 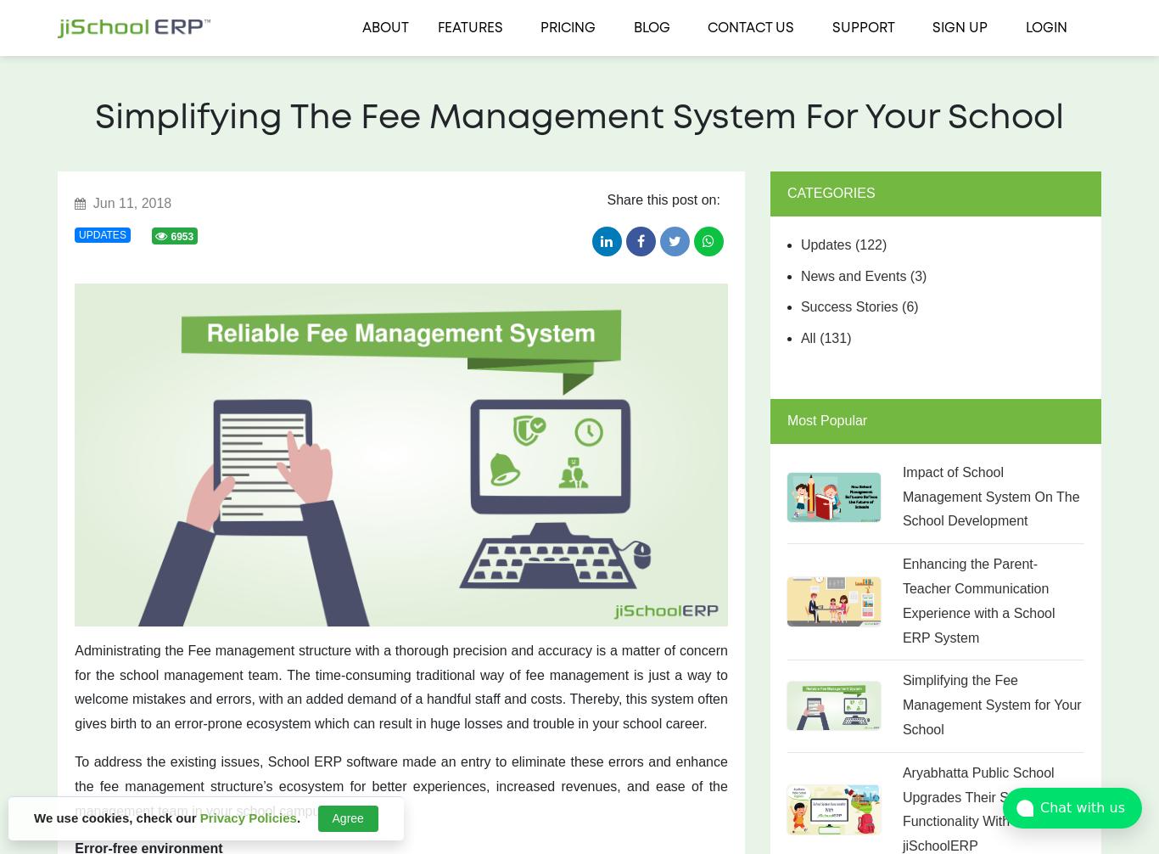 I want to click on 'To address the existing issues, School ERP software made an entry to eliminate these errors and enhance the fee management structure’s ecosystem for better experiences, increased revenues, and ease of the management team in your school campus:', so click(x=74, y=785).